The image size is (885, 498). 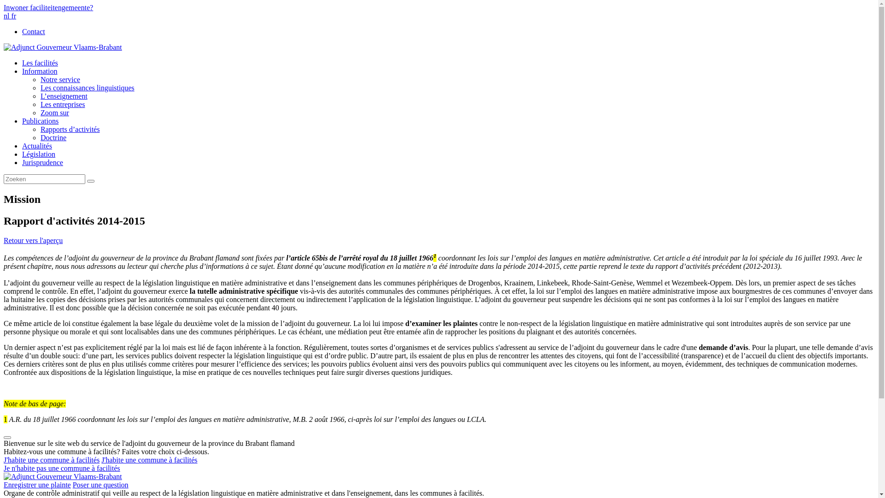 What do you see at coordinates (62, 104) in the screenshot?
I see `'Les entreprises'` at bounding box center [62, 104].